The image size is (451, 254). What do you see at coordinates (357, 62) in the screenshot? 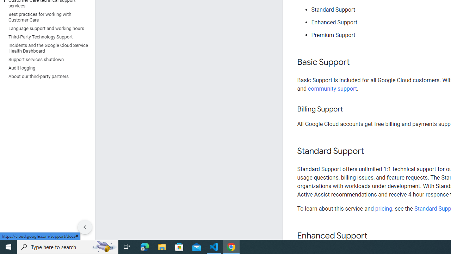
I see `'Copy link to this section: Basic Support'` at bounding box center [357, 62].